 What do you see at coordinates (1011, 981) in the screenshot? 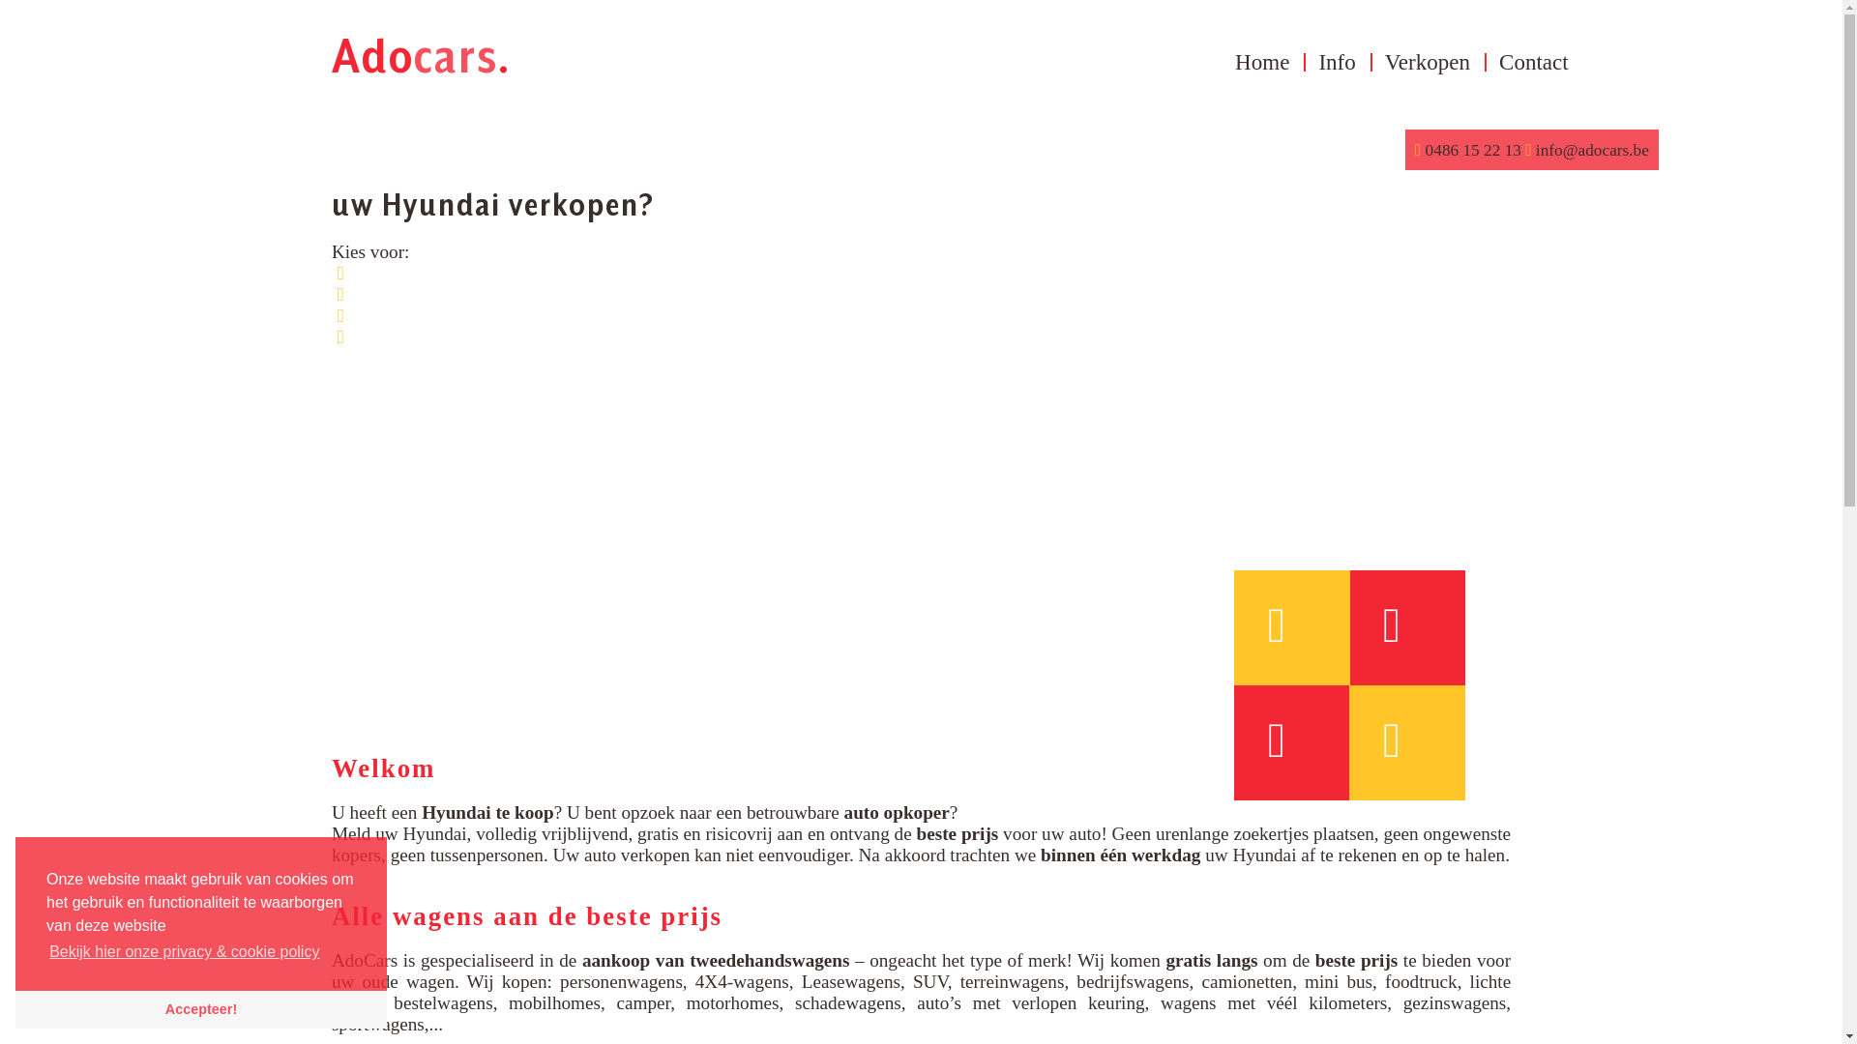
I see `'terreinwagens'` at bounding box center [1011, 981].